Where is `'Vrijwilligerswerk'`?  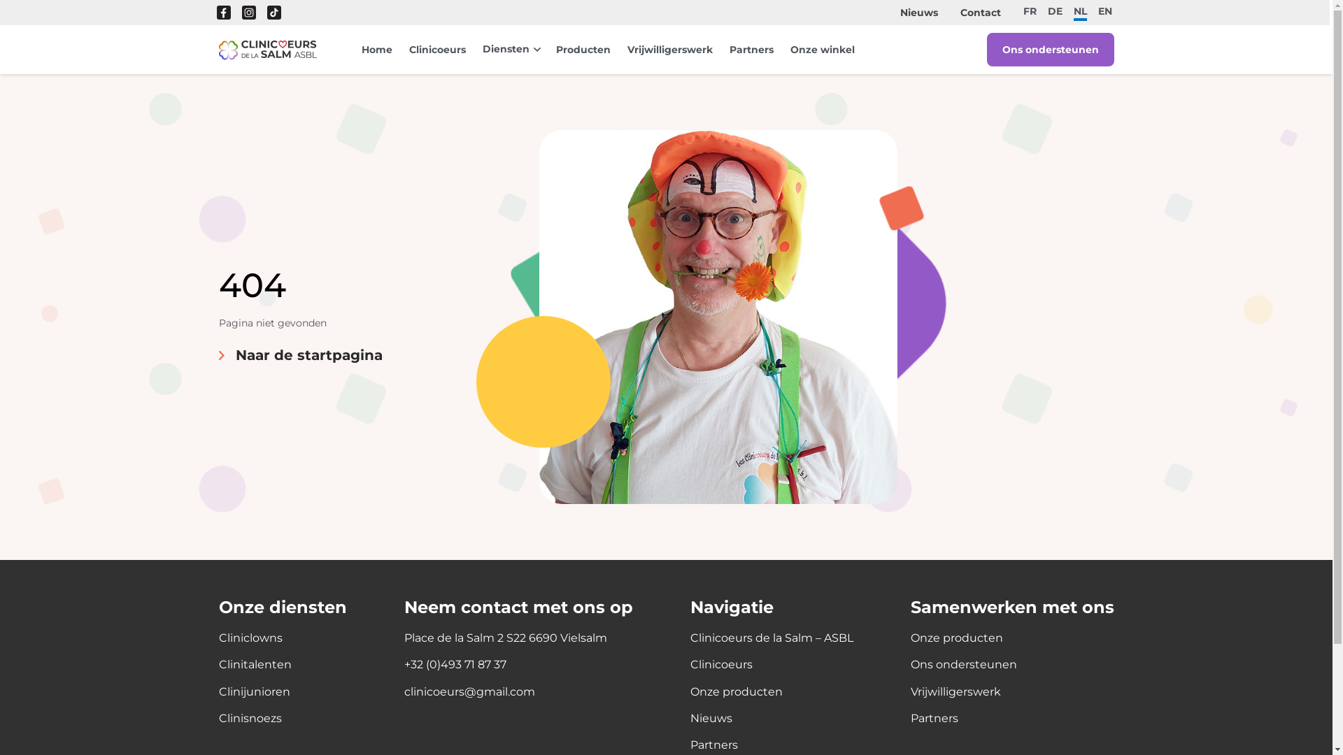 'Vrijwilligerswerk' is located at coordinates (668, 48).